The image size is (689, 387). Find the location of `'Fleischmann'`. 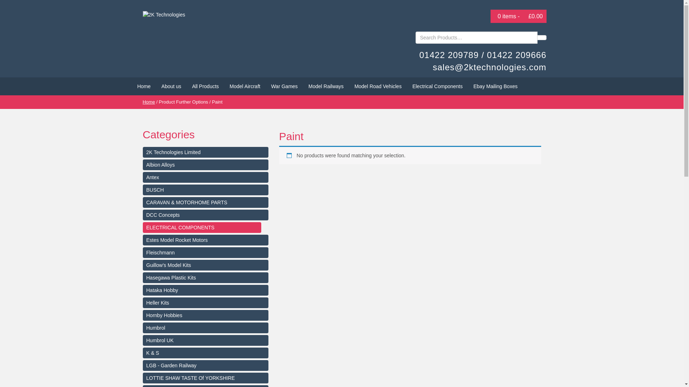

'Fleischmann' is located at coordinates (205, 252).